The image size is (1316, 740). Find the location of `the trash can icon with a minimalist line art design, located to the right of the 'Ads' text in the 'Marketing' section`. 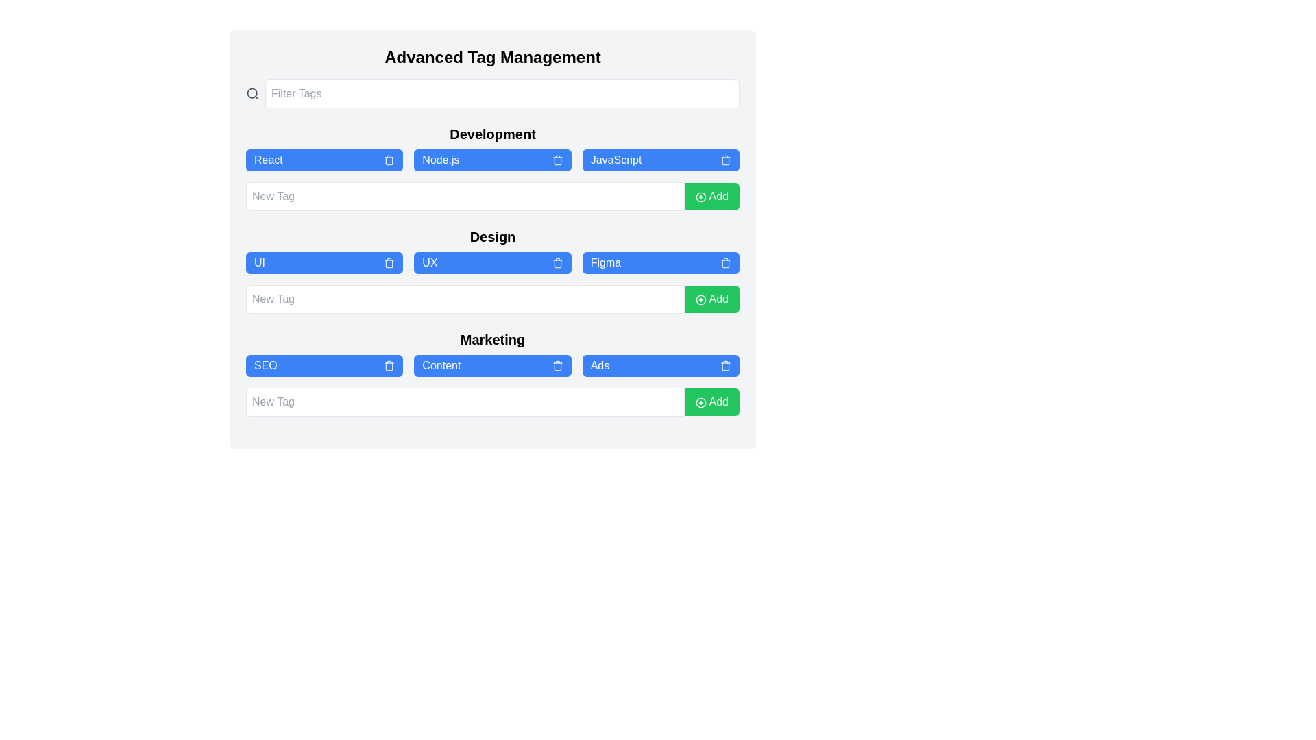

the trash can icon with a minimalist line art design, located to the right of the 'Ads' text in the 'Marketing' section is located at coordinates (725, 365).